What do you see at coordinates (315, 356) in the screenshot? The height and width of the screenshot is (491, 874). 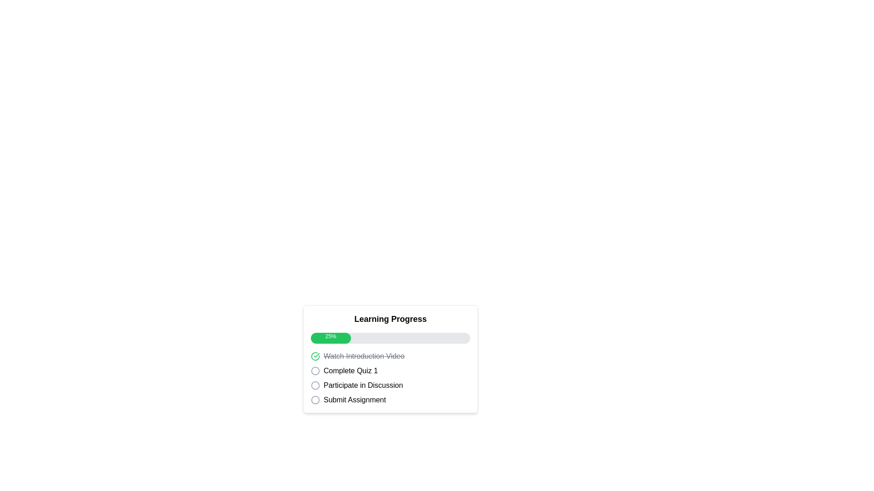 I see `the green circular checkmark icon that is positioned directly to the left of the text 'Watch Introduction Video' in the task list` at bounding box center [315, 356].